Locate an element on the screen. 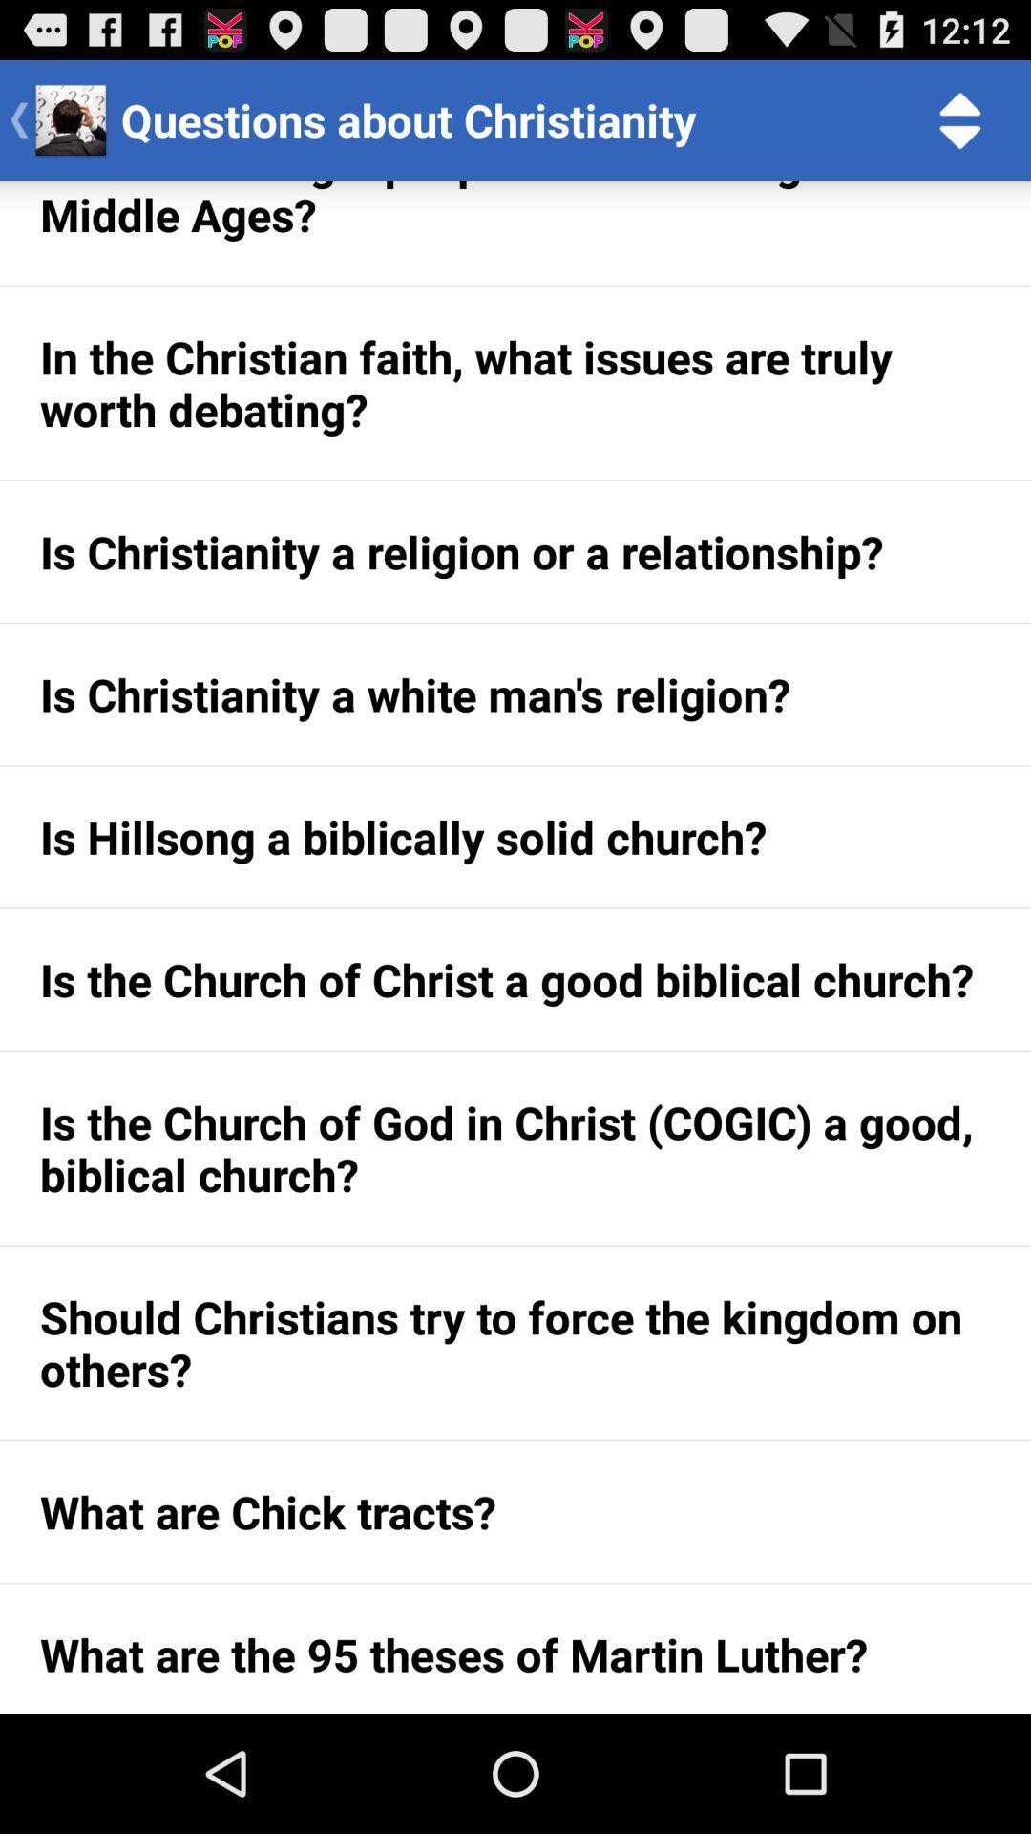 This screenshot has height=1834, width=1031. icon at the top right corner is located at coordinates (960, 118).